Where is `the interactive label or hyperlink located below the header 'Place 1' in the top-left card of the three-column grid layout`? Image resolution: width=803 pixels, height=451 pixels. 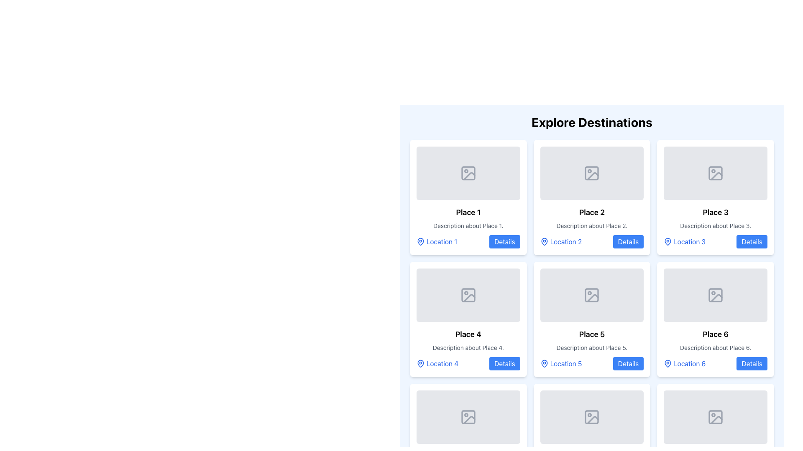 the interactive label or hyperlink located below the header 'Place 1' in the top-left card of the three-column grid layout is located at coordinates (436, 241).